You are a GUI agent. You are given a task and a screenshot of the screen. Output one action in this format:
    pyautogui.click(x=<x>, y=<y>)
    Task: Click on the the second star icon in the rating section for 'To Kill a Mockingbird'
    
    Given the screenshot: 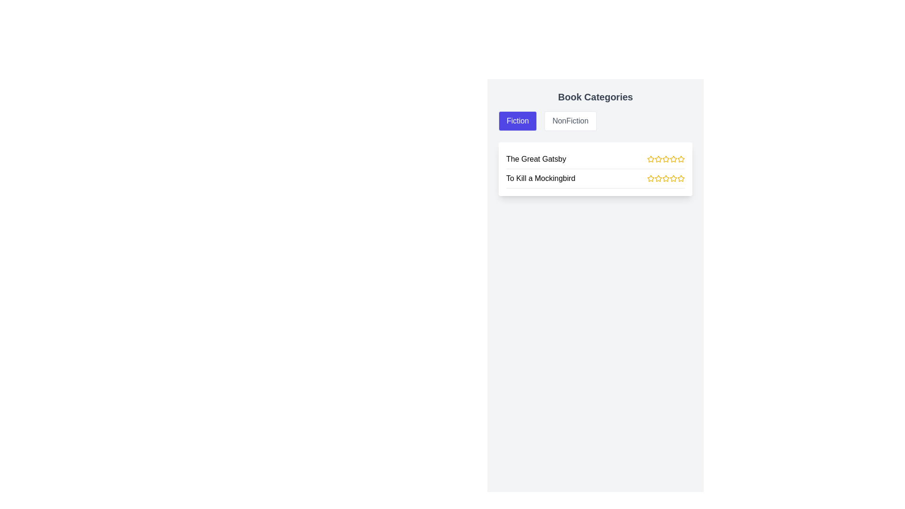 What is the action you would take?
    pyautogui.click(x=665, y=178)
    